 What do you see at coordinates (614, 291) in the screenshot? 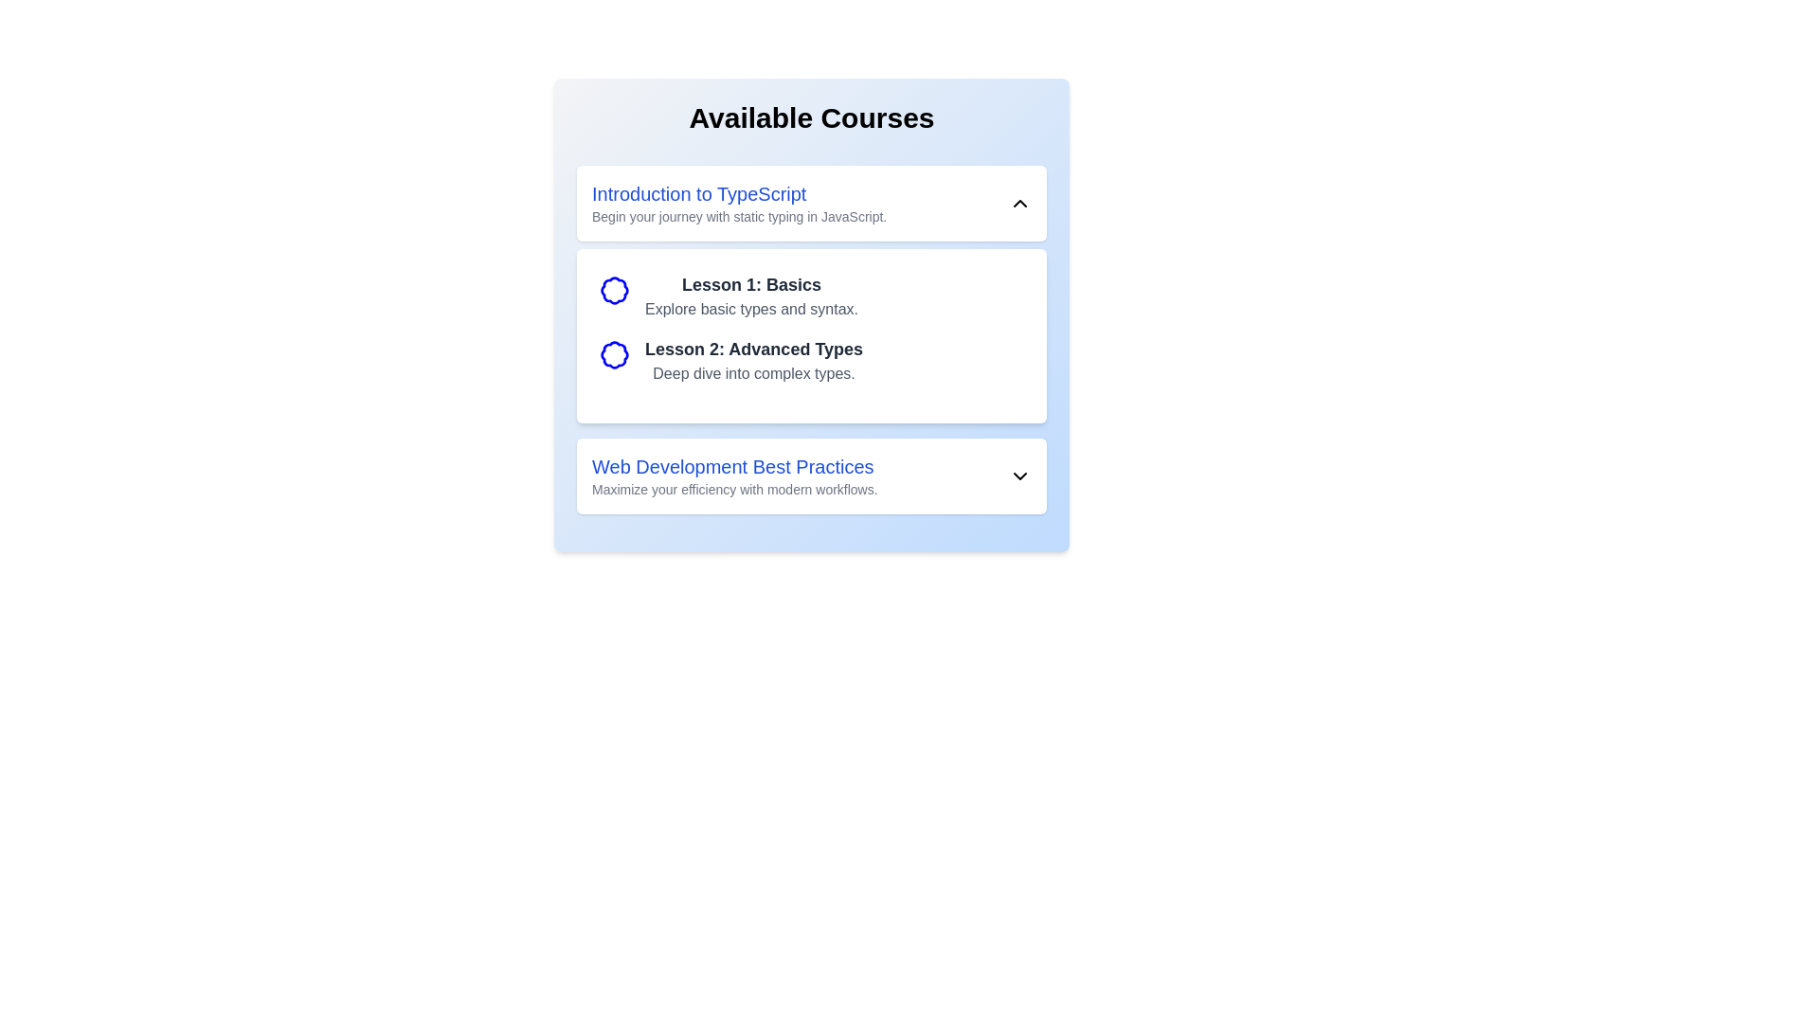
I see `the Decorative icon for the 'Lesson 1: Basics' item located in the 'Available Courses' section, which is the first icon in this group, positioned directly to the left of the text content` at bounding box center [614, 291].